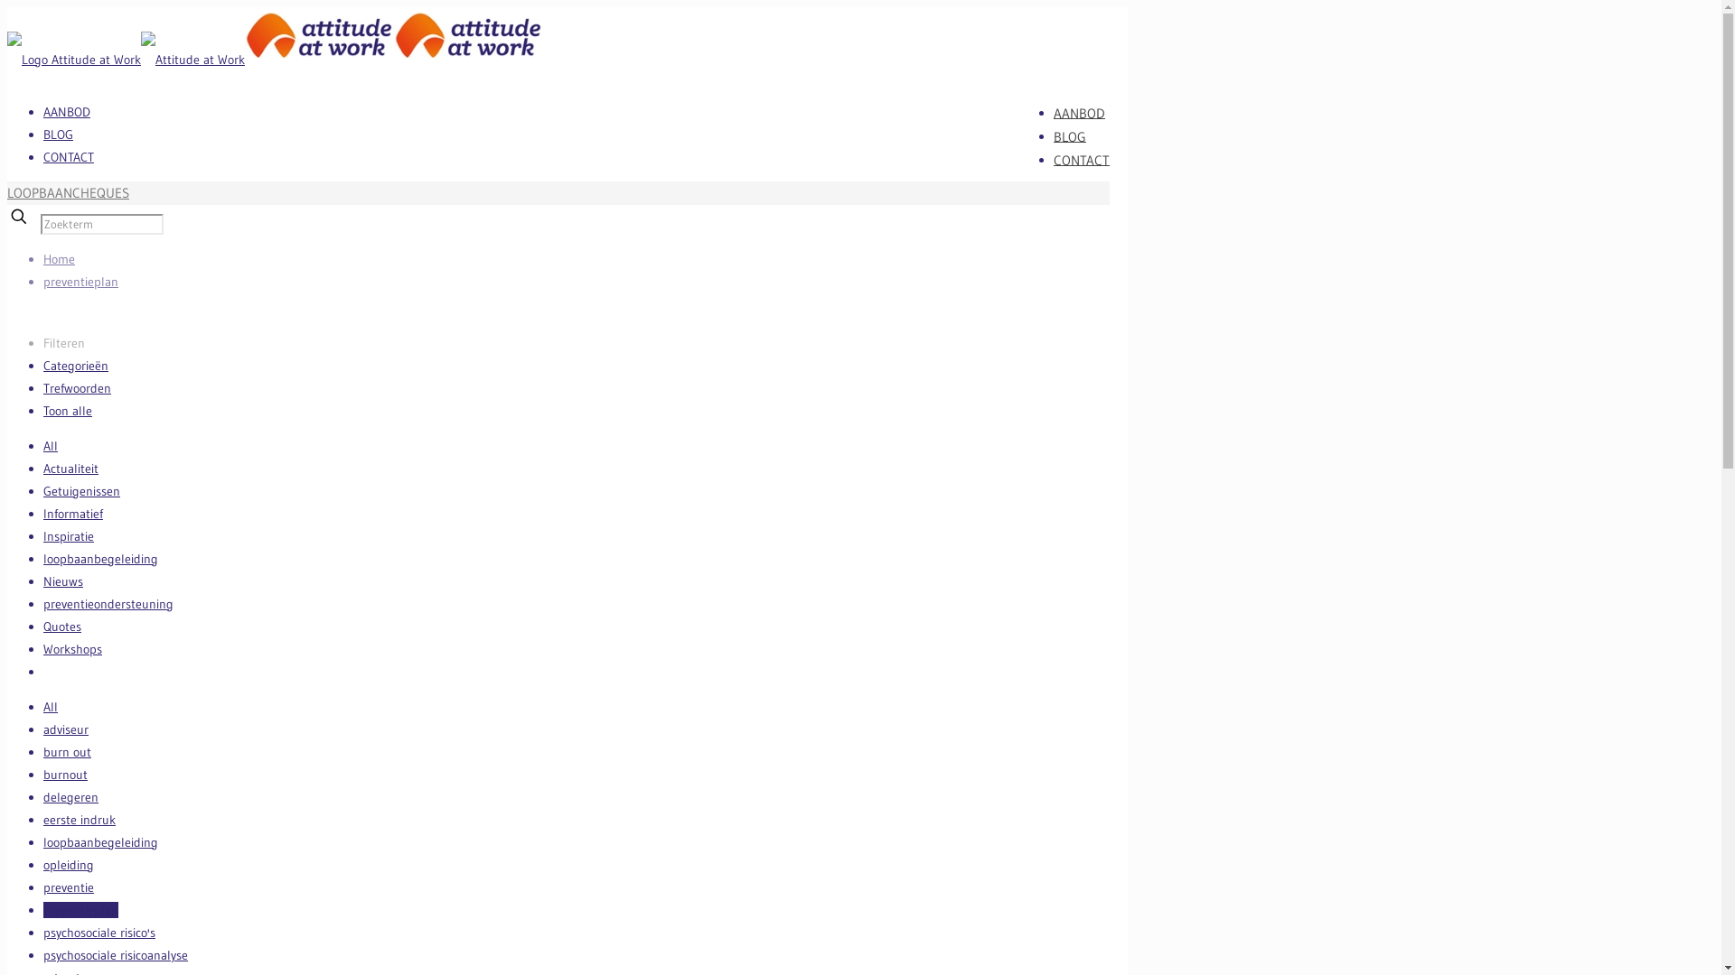 The width and height of the screenshot is (1735, 975). I want to click on 'delegeren', so click(70, 796).